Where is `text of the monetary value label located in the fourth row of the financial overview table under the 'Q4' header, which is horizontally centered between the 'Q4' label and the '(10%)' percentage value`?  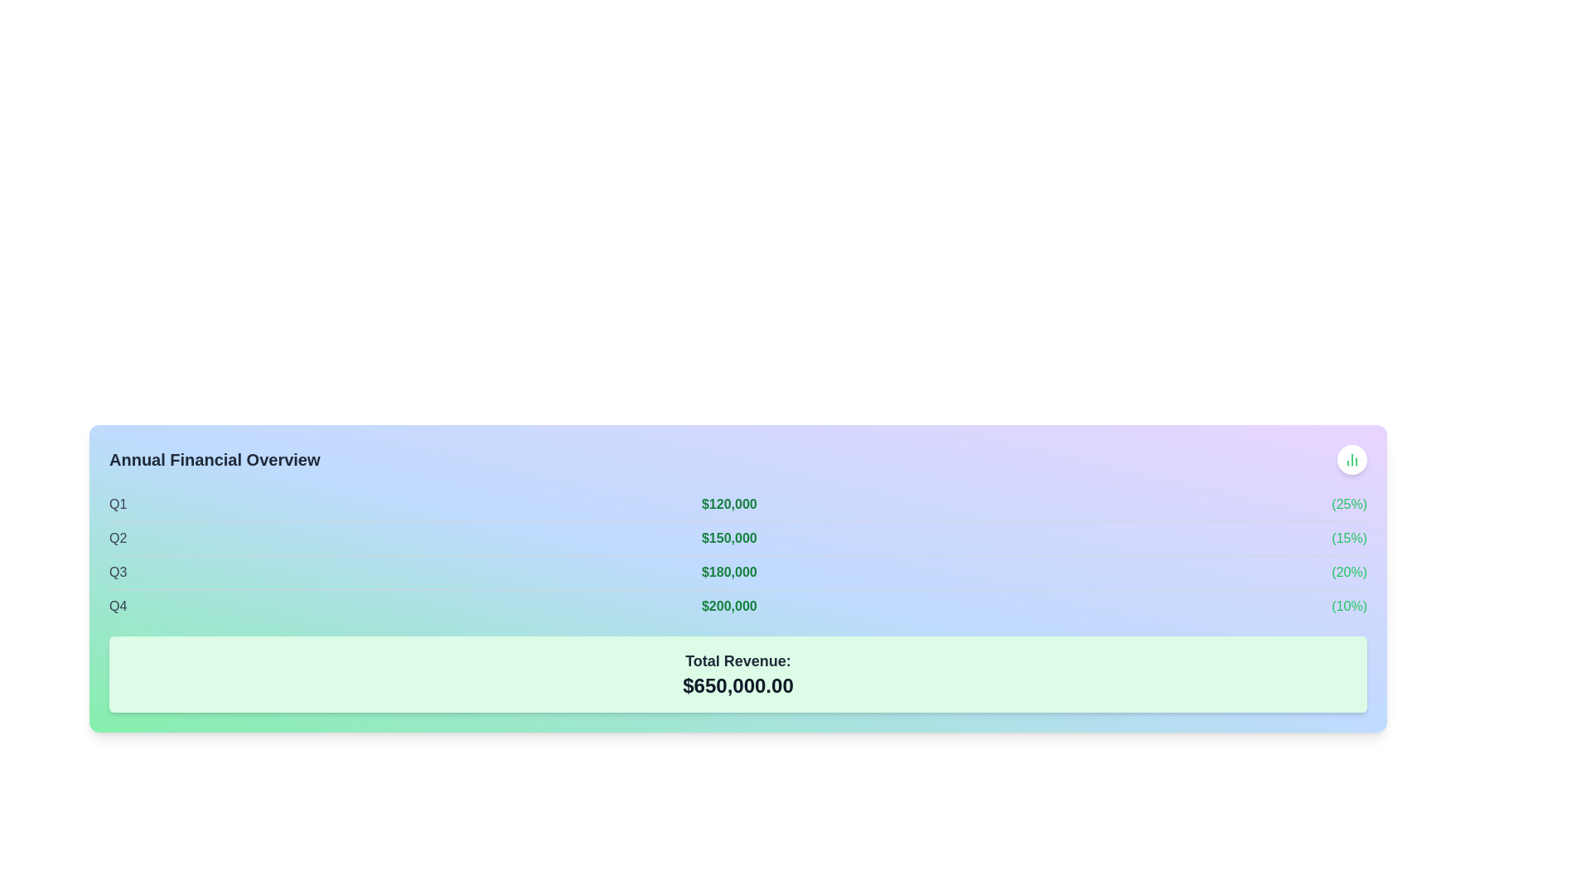 text of the monetary value label located in the fourth row of the financial overview table under the 'Q4' header, which is horizontally centered between the 'Q4' label and the '(10%)' percentage value is located at coordinates (729, 607).